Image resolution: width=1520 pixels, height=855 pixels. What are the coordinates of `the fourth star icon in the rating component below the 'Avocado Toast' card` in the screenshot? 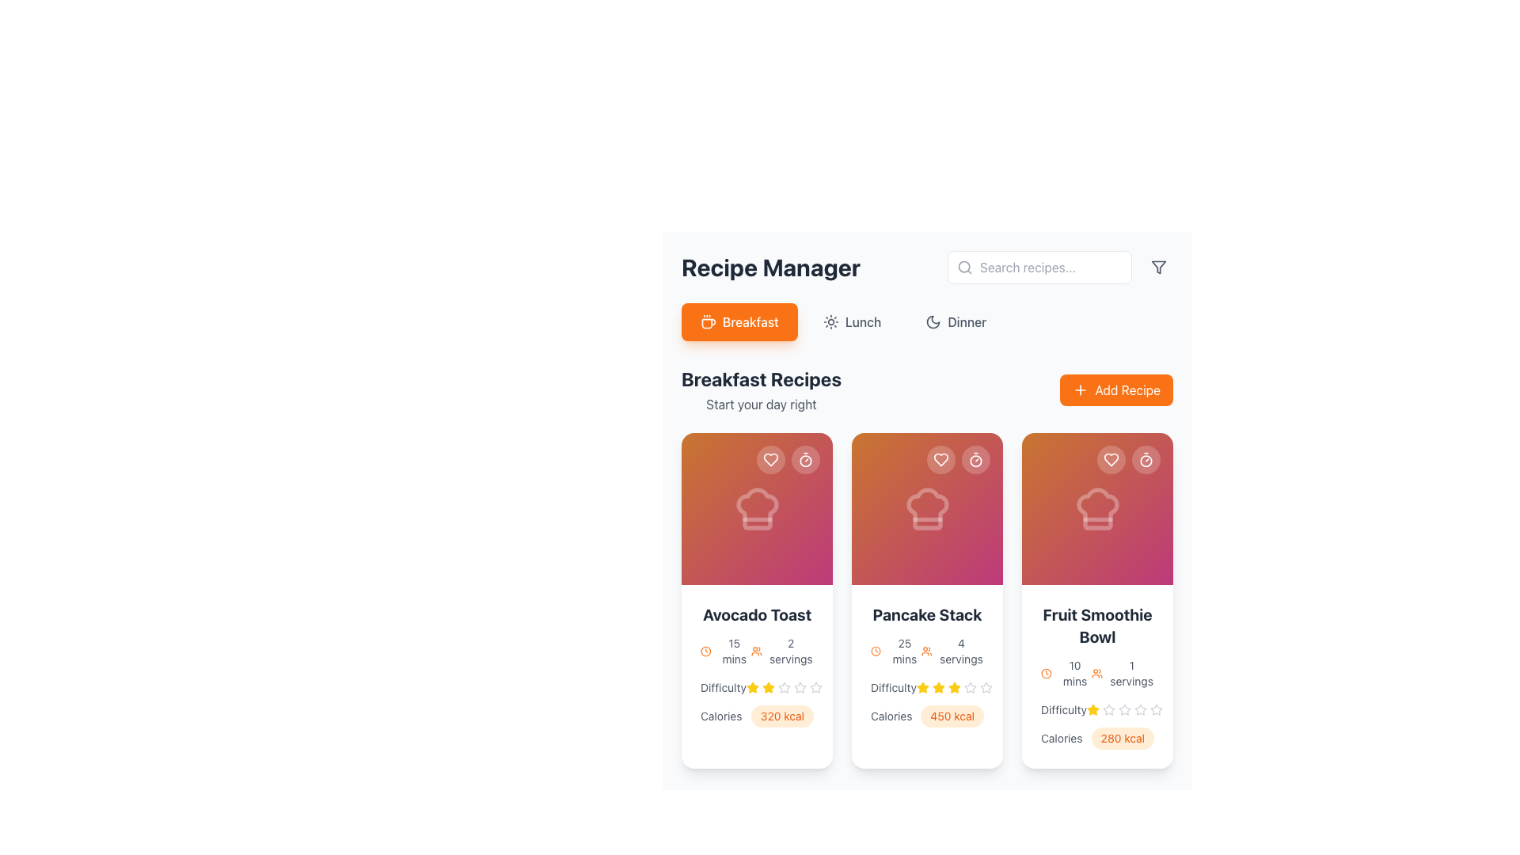 It's located at (784, 686).